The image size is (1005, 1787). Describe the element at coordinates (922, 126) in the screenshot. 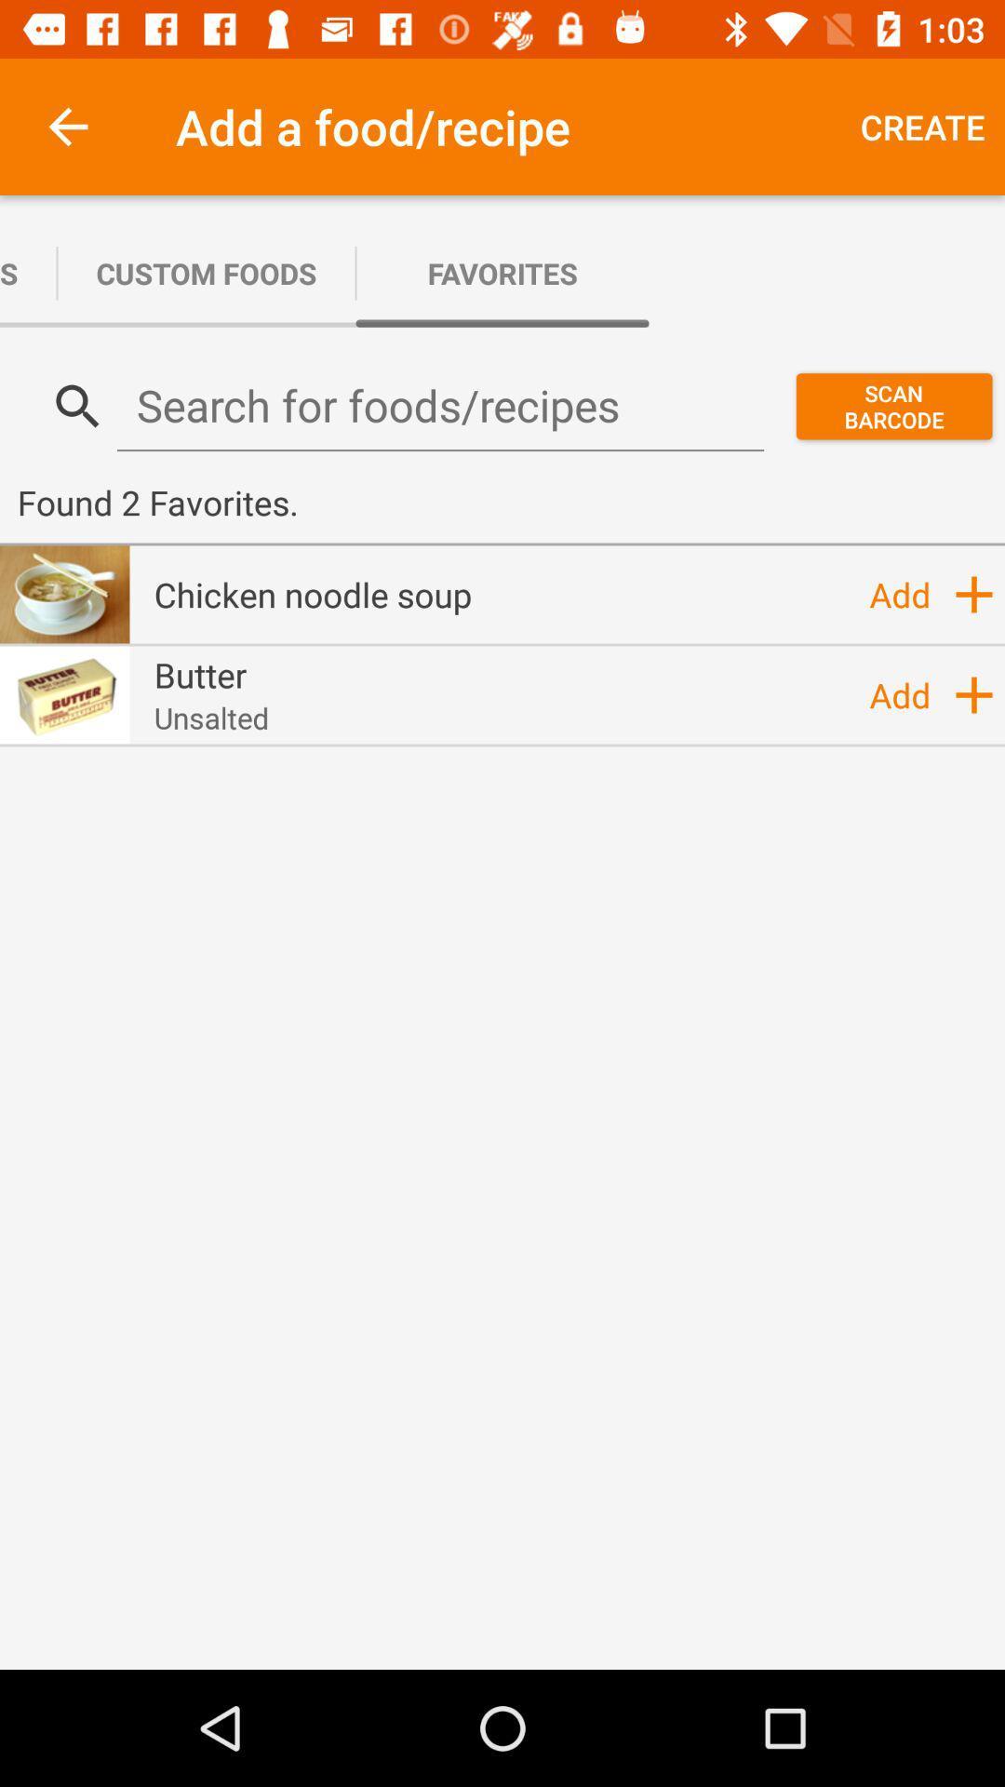

I see `item to the right of the add a food item` at that location.